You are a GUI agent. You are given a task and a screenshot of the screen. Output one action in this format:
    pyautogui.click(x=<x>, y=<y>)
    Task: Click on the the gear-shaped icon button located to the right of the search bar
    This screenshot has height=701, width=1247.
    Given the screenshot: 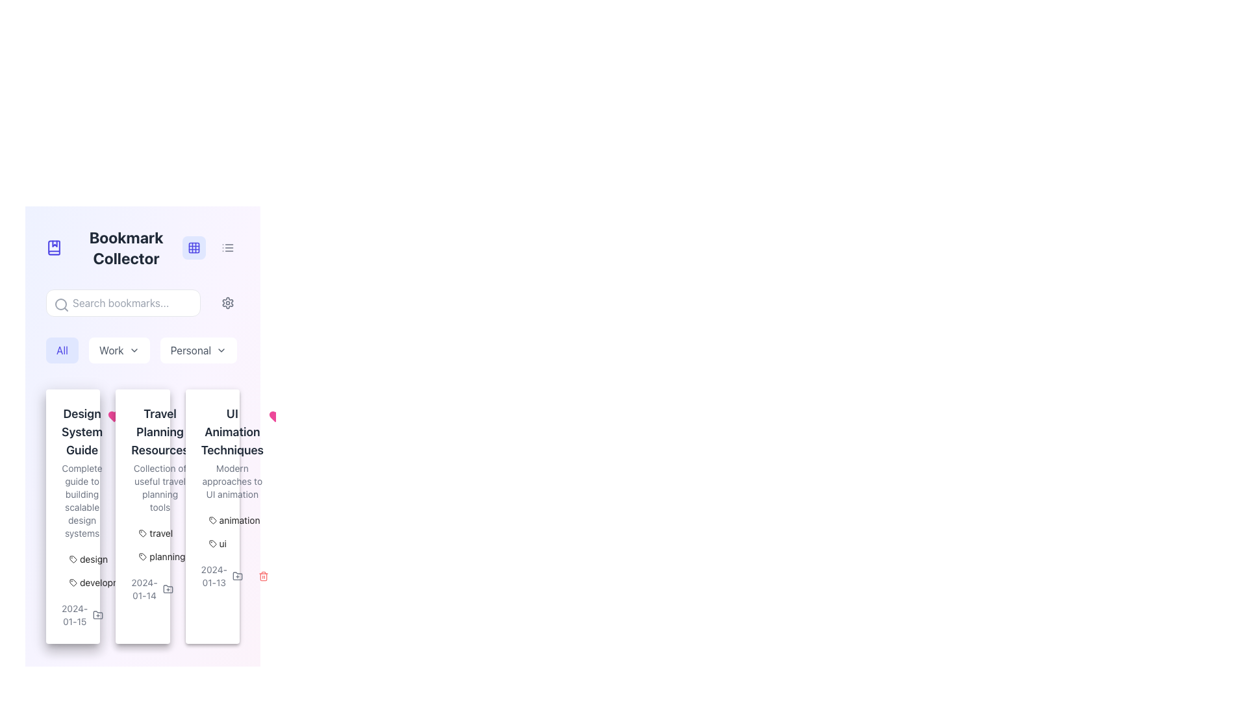 What is the action you would take?
    pyautogui.click(x=227, y=302)
    